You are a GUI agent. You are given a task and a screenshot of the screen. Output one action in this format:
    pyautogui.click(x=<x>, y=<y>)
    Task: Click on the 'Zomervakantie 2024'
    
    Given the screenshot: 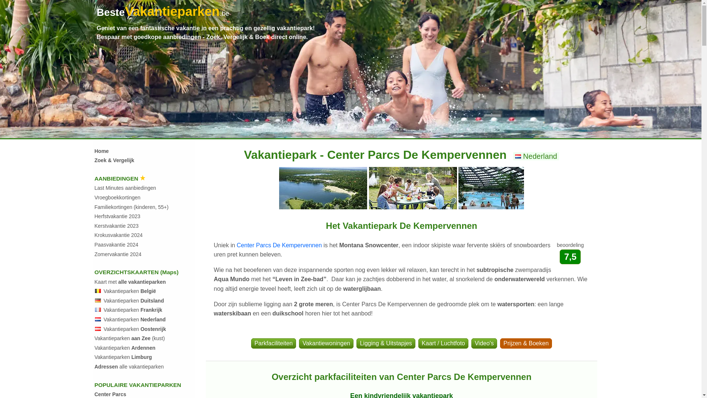 What is the action you would take?
    pyautogui.click(x=118, y=254)
    